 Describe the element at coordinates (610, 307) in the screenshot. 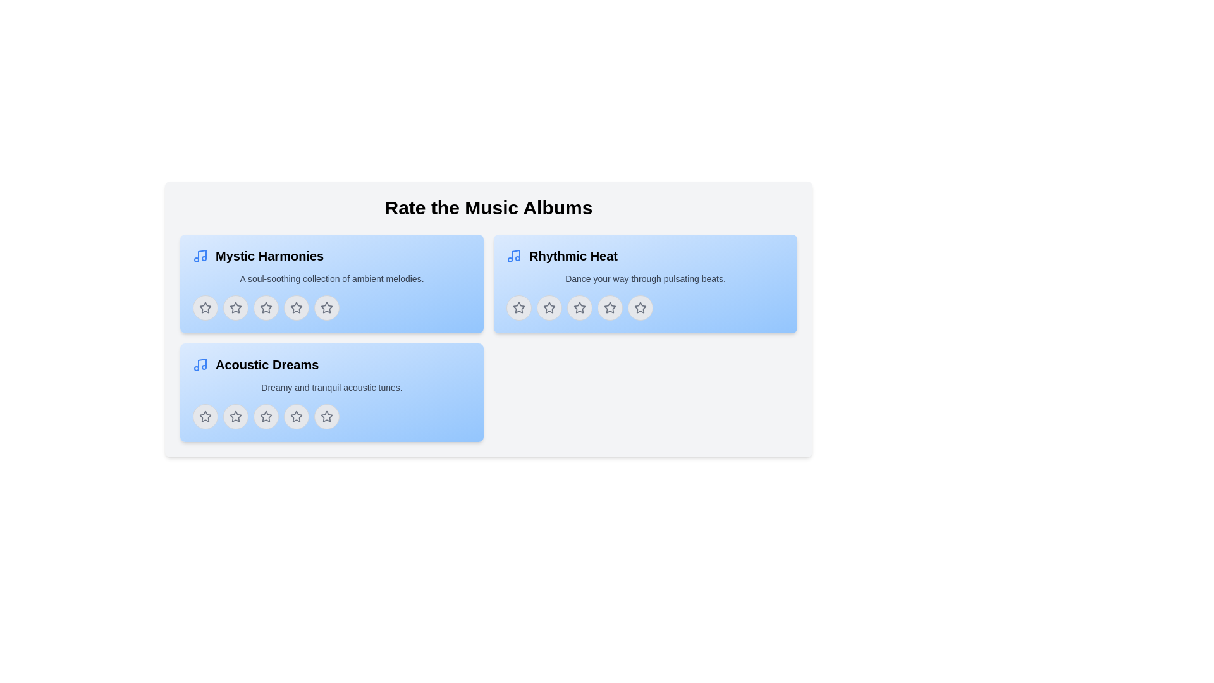

I see `the fourth star icon in the horizontal array of five stars at the bottom center of the 'Rhythmic Heat' album card to rate it` at that location.